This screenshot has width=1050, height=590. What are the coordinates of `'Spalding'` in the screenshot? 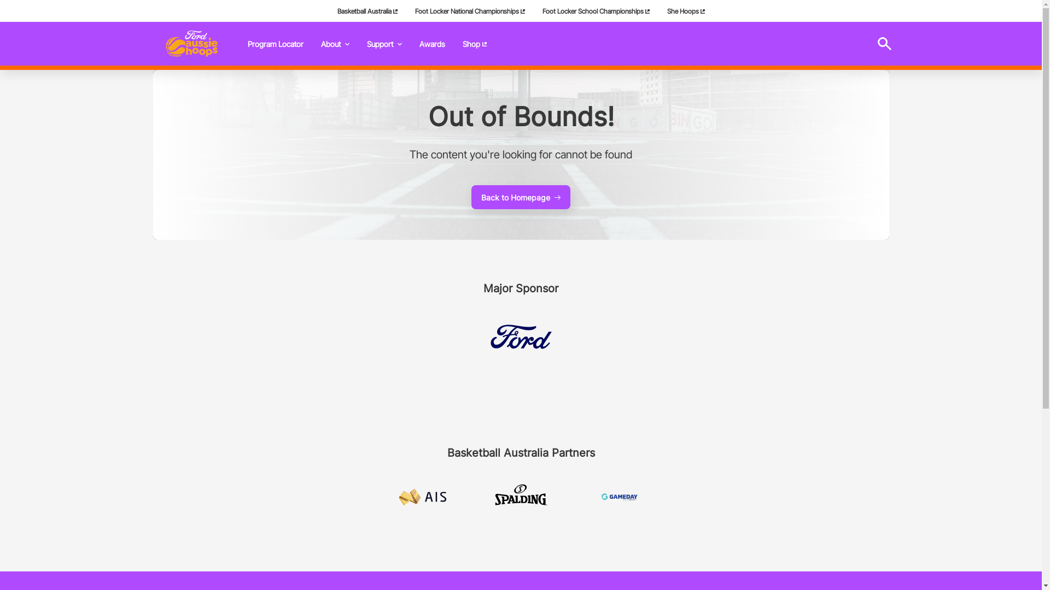 It's located at (520, 497).